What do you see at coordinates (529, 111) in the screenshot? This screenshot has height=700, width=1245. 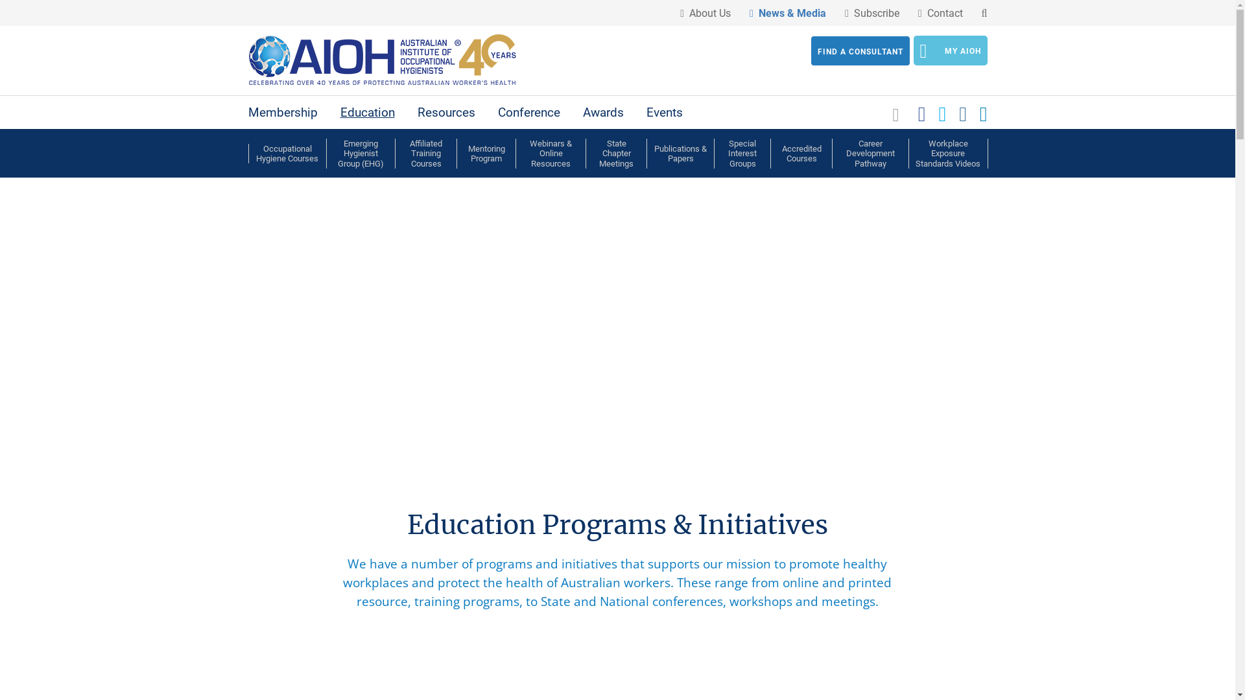 I see `'Conference'` at bounding box center [529, 111].